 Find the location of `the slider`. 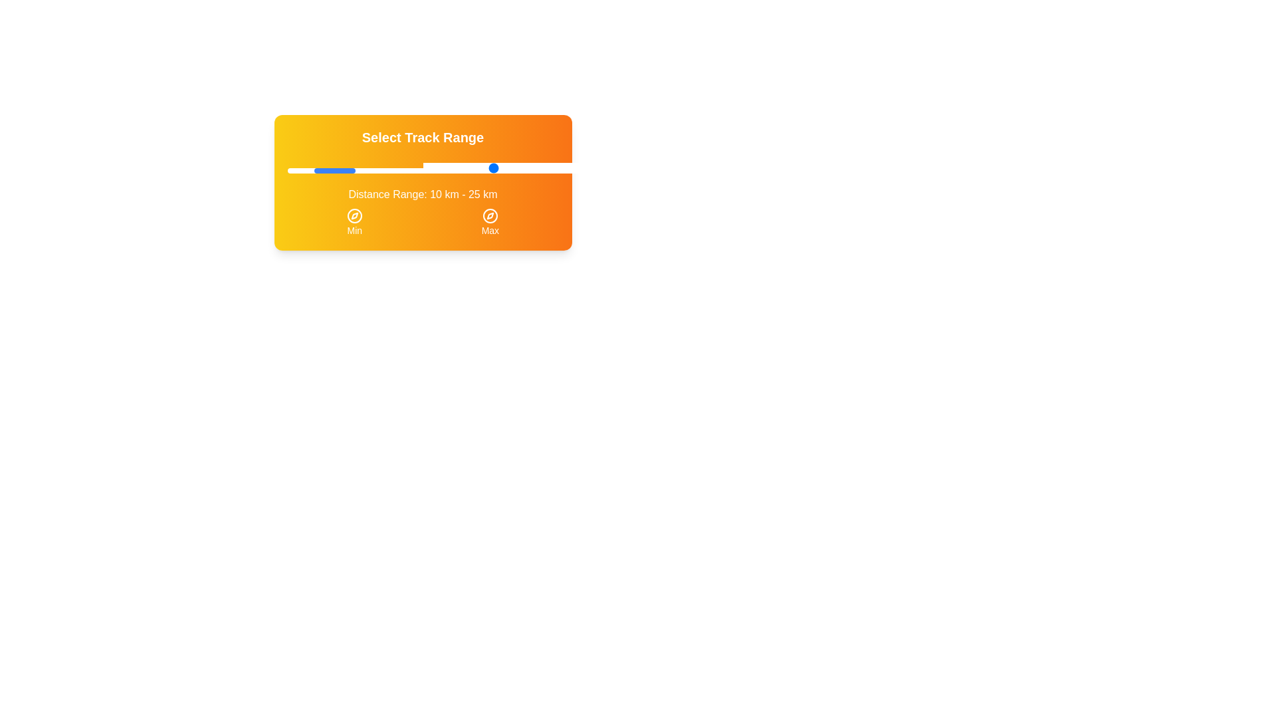

the slider is located at coordinates (528, 168).